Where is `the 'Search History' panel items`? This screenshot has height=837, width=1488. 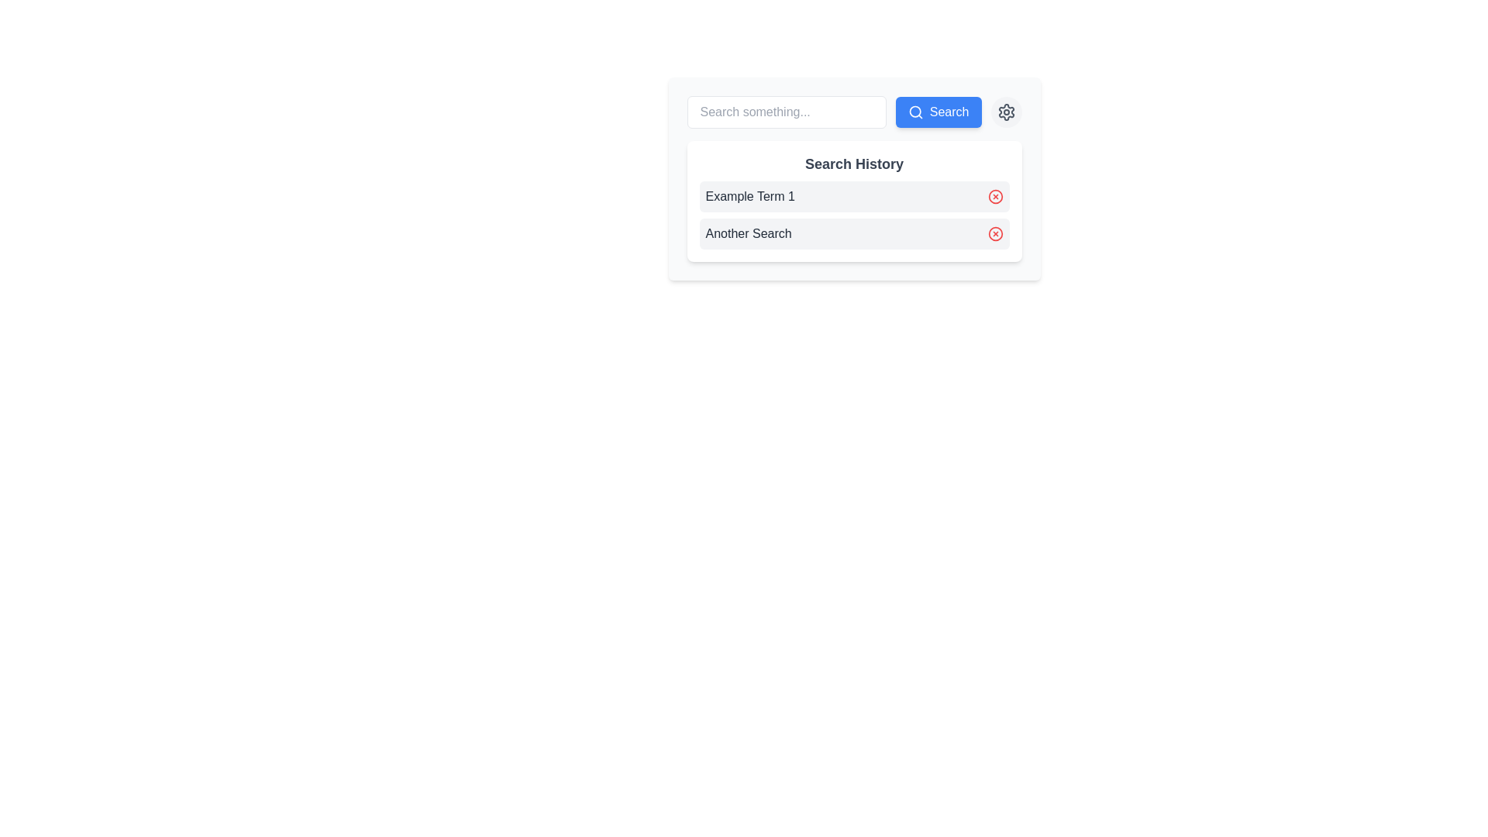 the 'Search History' panel items is located at coordinates (853, 200).